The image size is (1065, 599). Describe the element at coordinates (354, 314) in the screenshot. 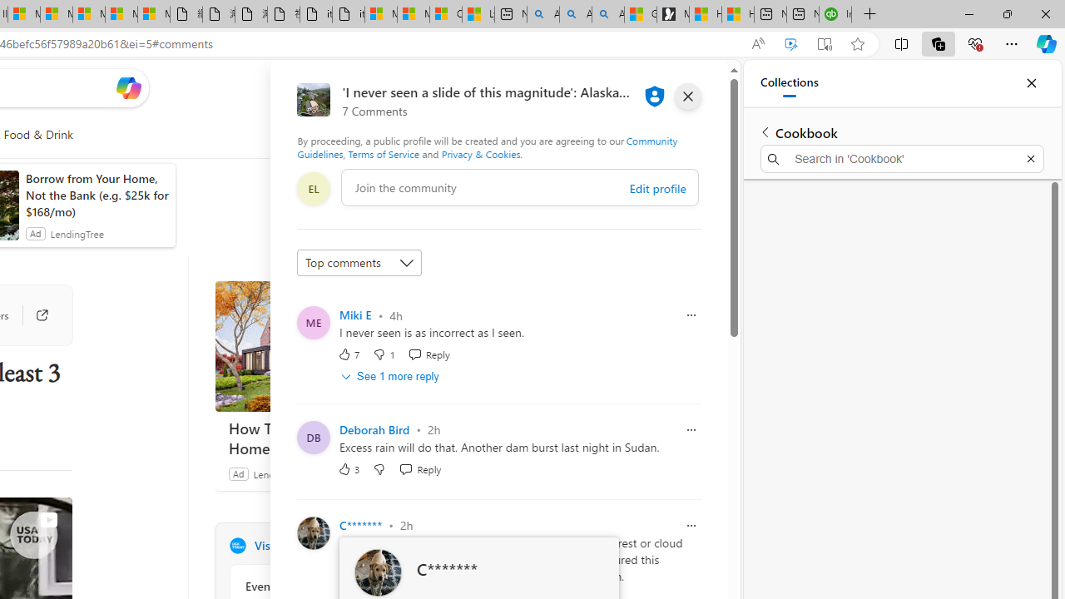

I see `'Miki E'` at that location.